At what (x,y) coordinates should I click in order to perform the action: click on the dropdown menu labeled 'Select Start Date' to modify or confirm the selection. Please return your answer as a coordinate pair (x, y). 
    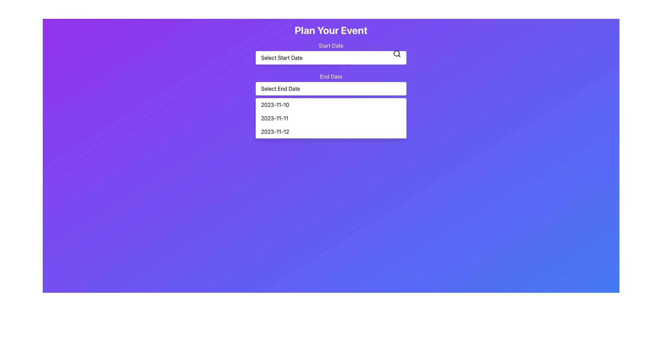
    Looking at the image, I should click on (331, 53).